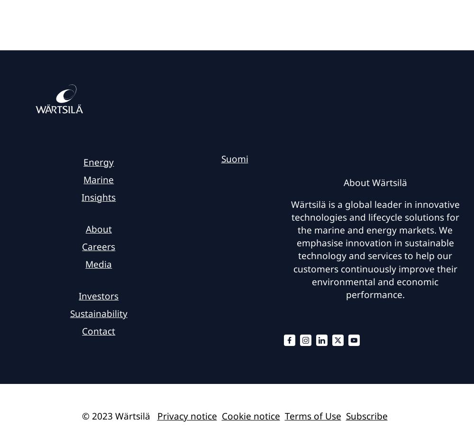  What do you see at coordinates (98, 296) in the screenshot?
I see `'Investors'` at bounding box center [98, 296].